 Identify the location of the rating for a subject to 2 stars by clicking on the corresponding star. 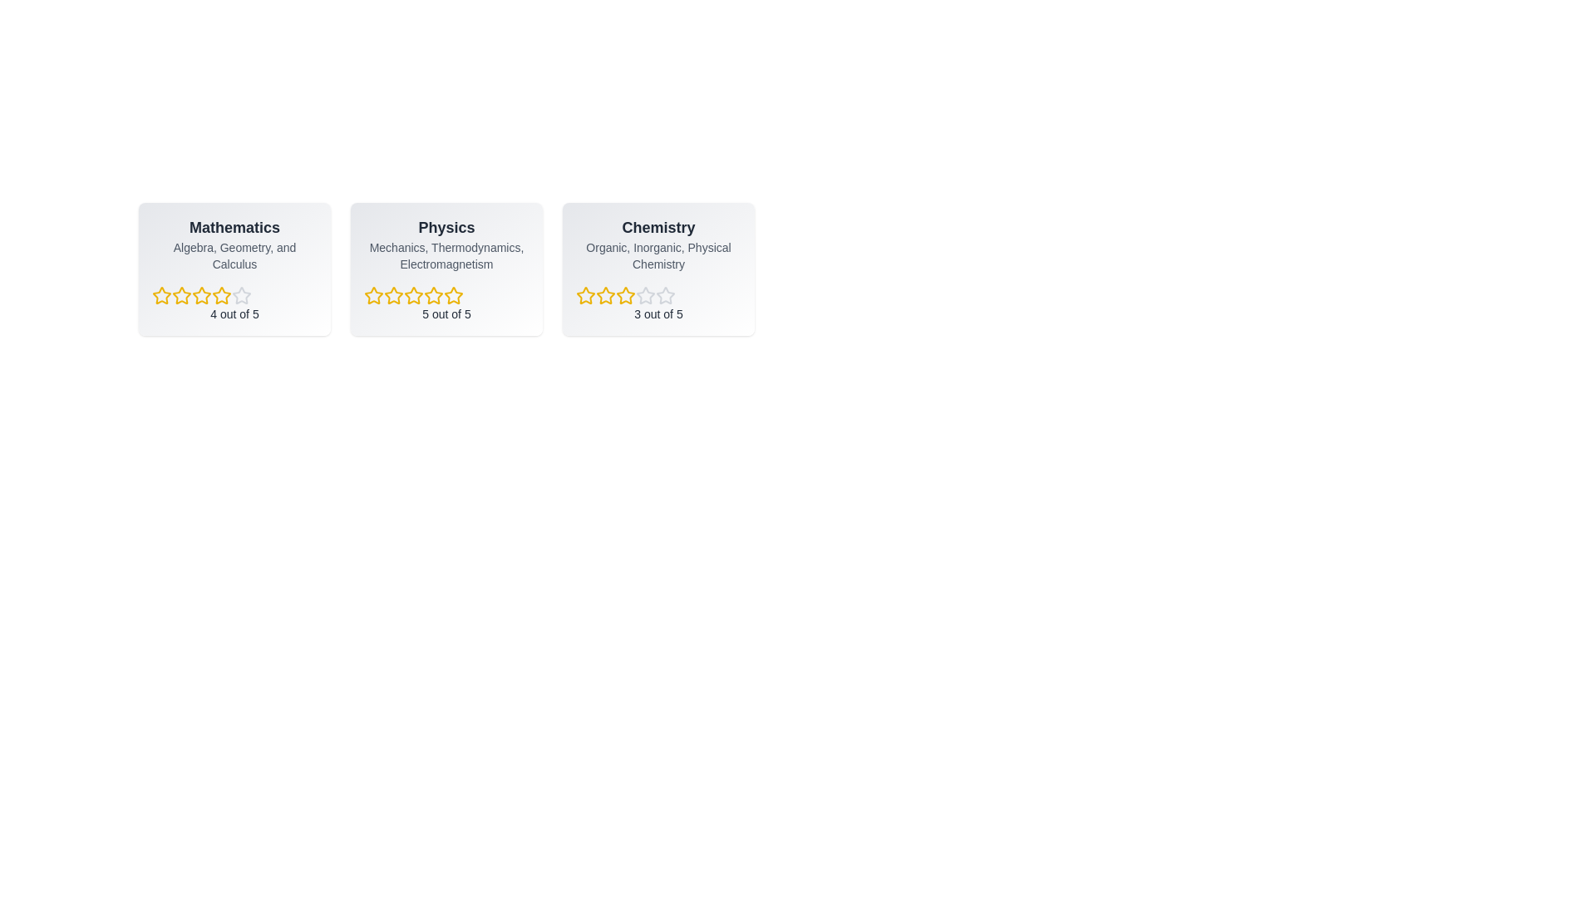
(182, 294).